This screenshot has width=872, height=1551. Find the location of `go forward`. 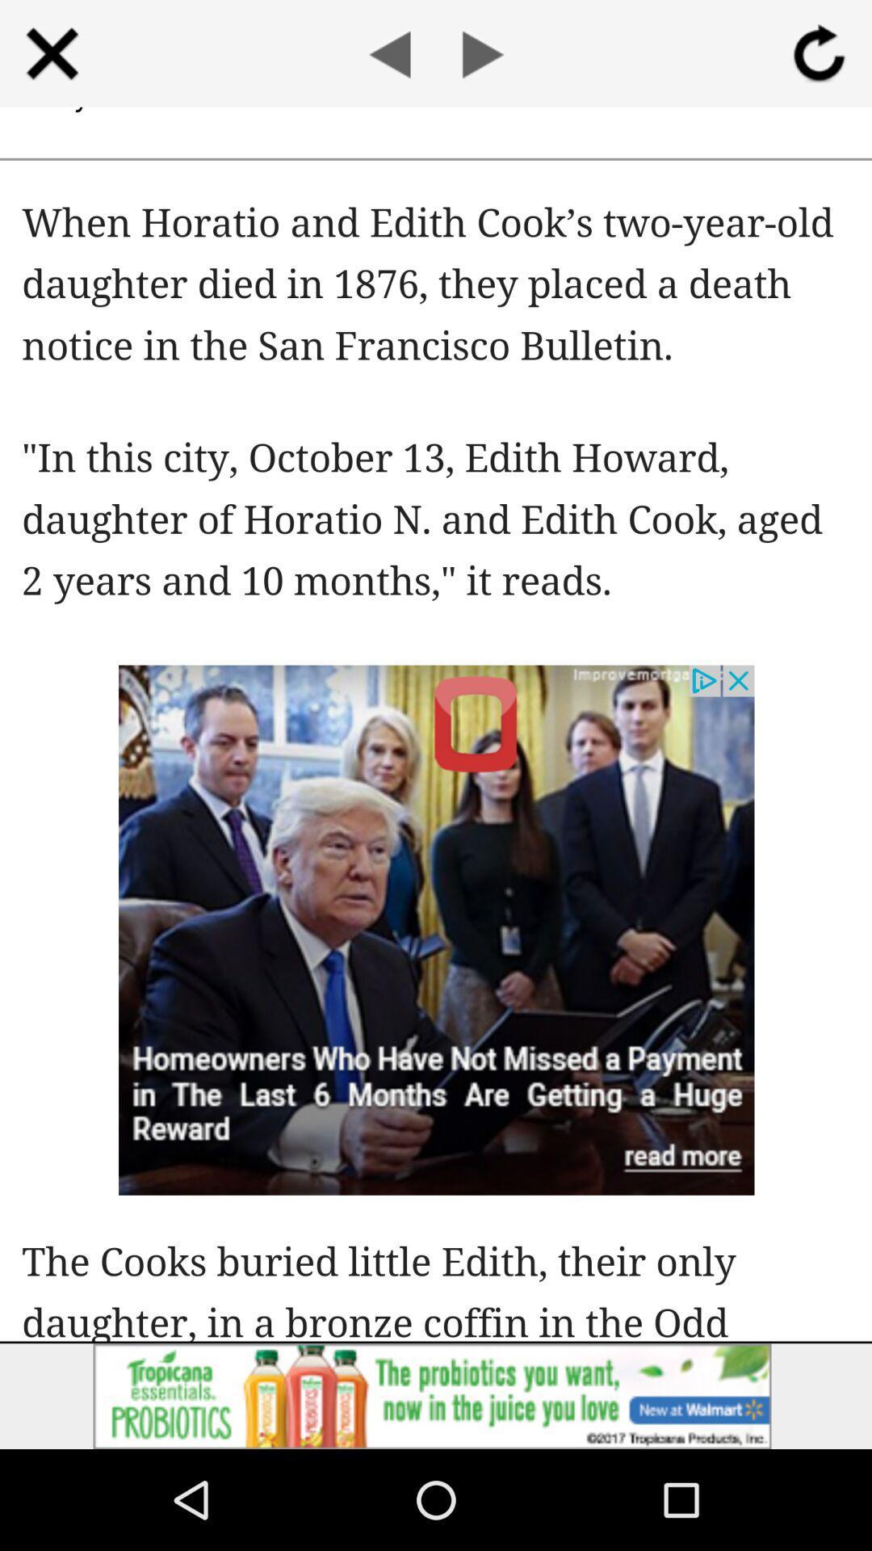

go forward is located at coordinates (481, 53).